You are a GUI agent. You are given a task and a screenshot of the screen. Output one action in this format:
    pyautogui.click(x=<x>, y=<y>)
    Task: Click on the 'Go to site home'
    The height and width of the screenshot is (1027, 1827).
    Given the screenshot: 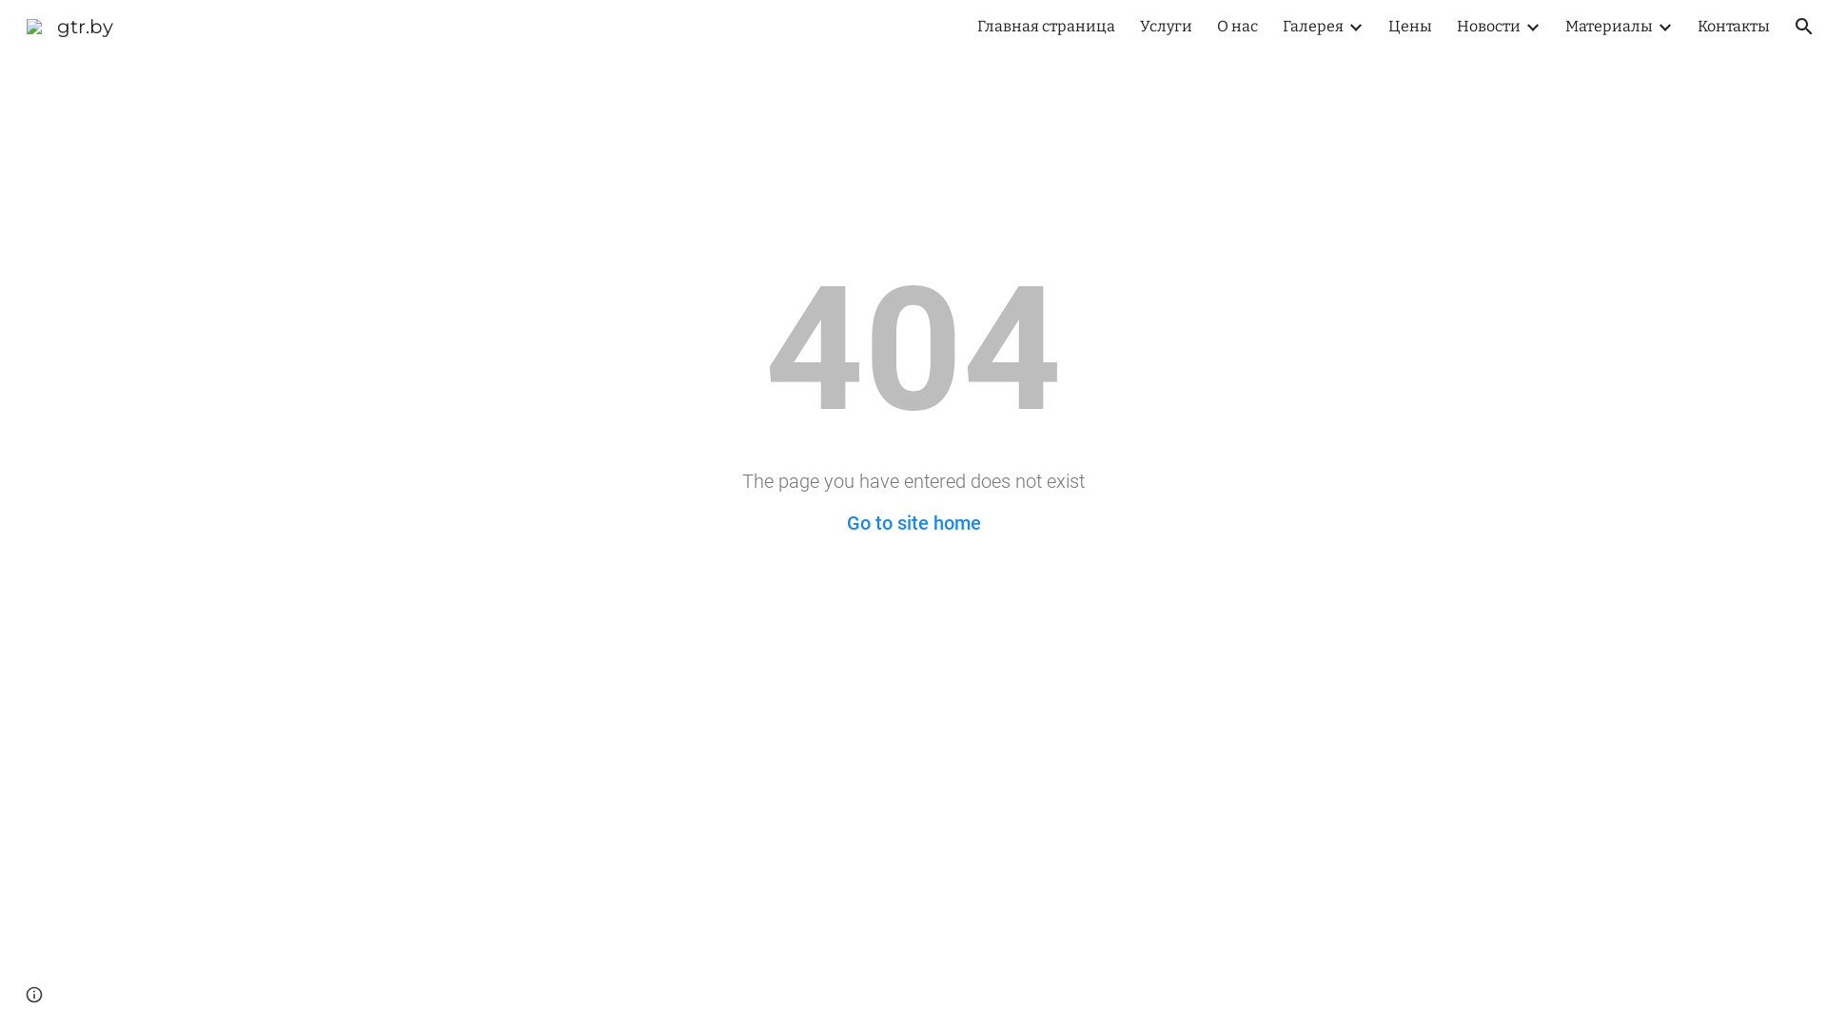 What is the action you would take?
    pyautogui.click(x=845, y=523)
    